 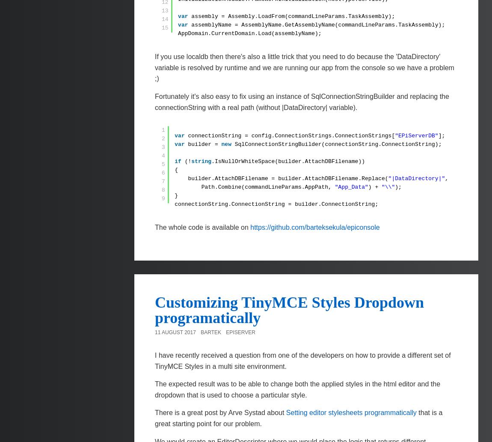 I want to click on '11 August 2017', so click(x=175, y=332).